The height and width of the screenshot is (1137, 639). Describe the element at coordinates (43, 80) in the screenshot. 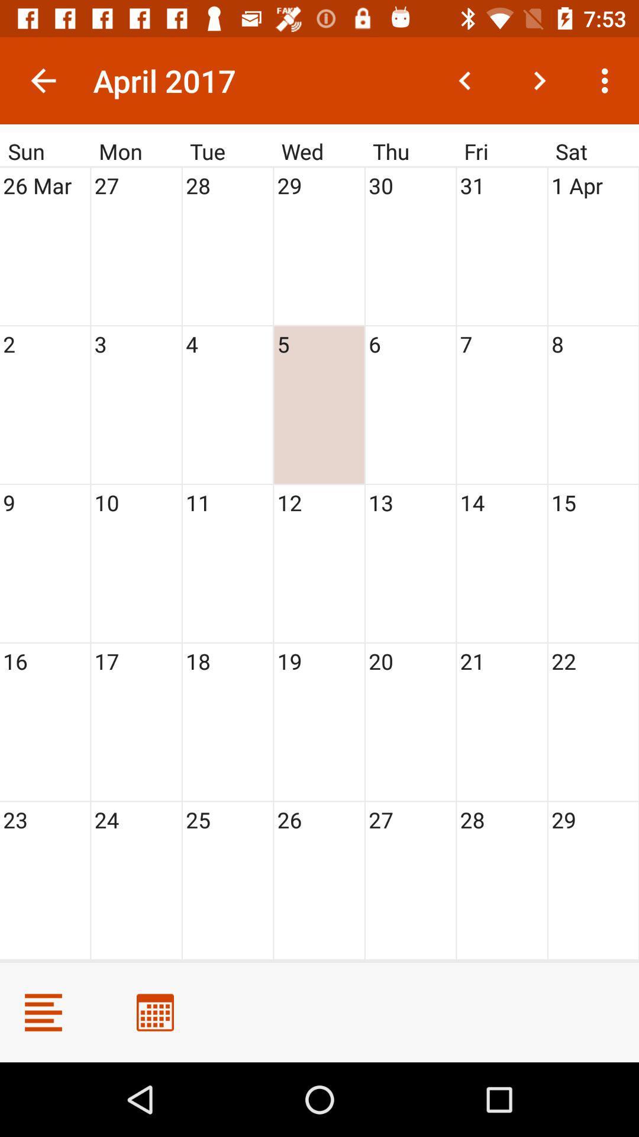

I see `the item above sun icon` at that location.